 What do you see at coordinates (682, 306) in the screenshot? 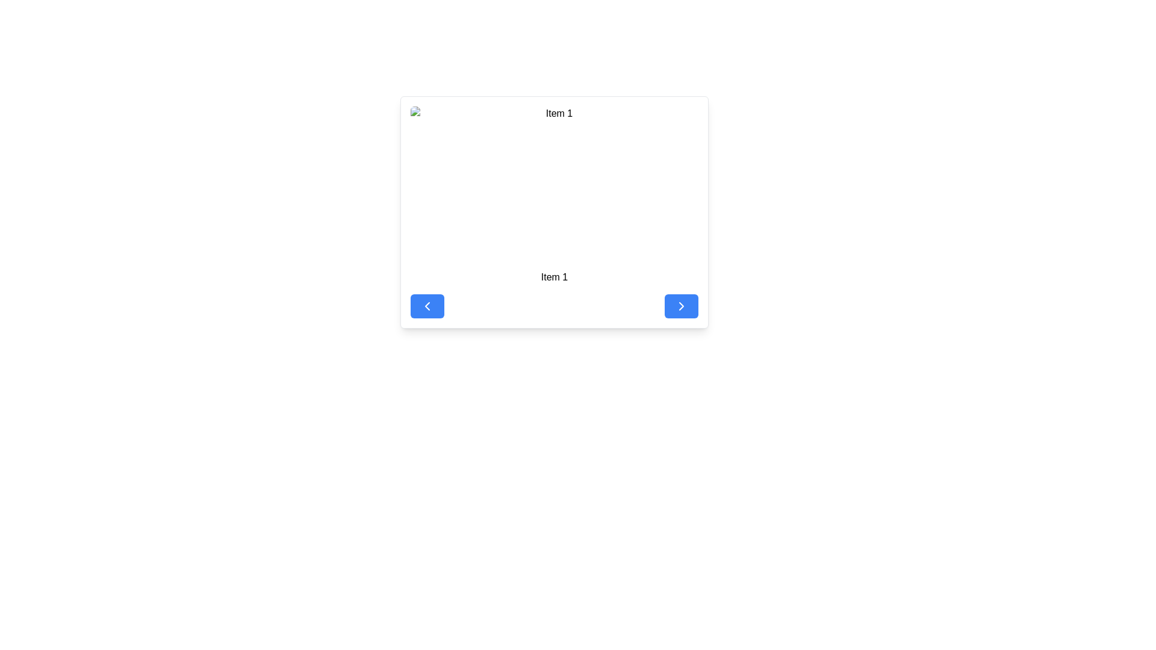
I see `the right-pointing arrow icon within the blue circular button located in the bottom-right corner of the interface` at bounding box center [682, 306].